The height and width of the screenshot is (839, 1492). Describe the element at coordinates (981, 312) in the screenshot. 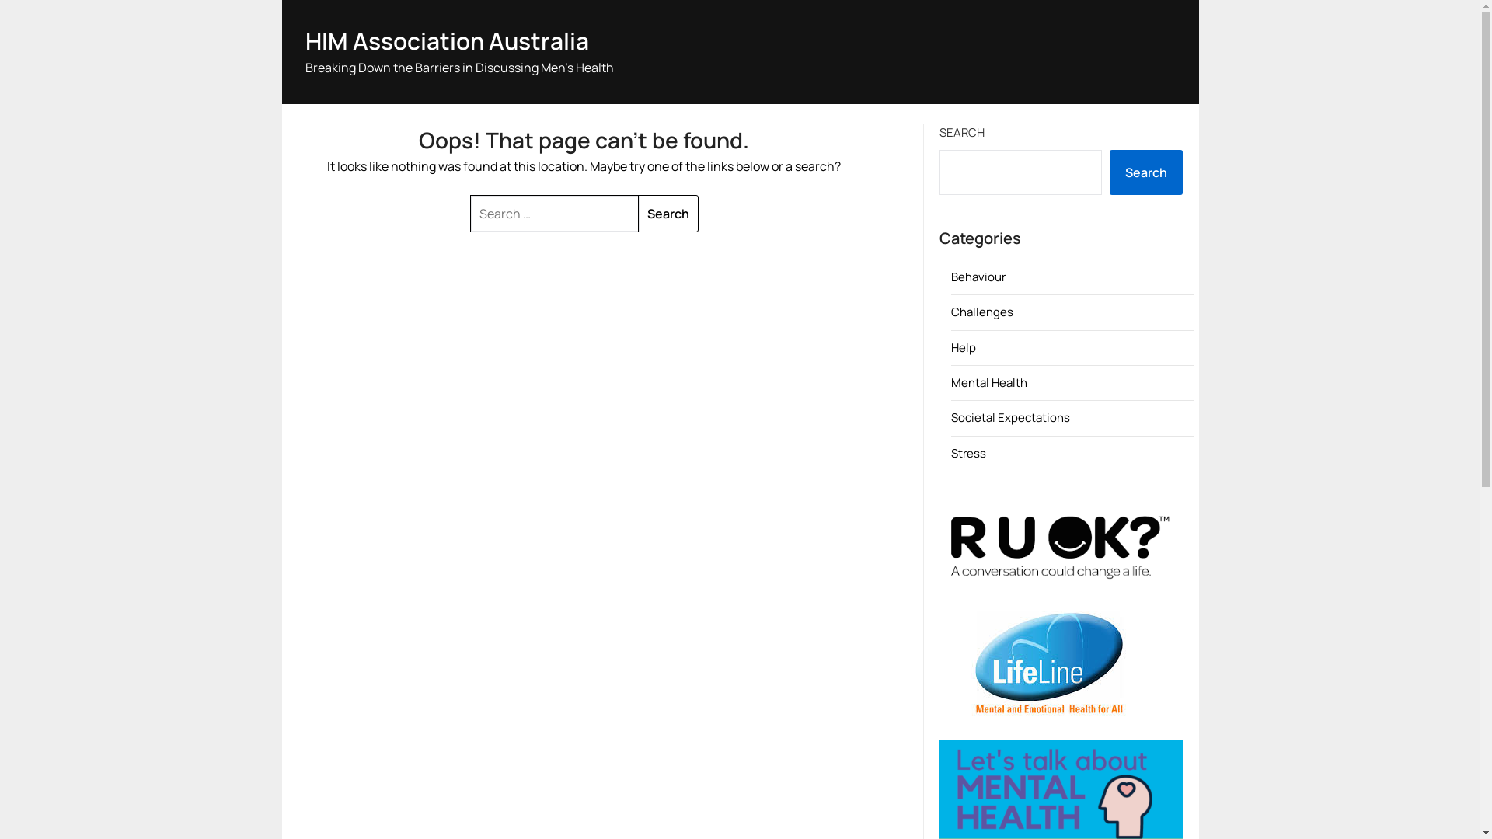

I see `'Challenges'` at that location.